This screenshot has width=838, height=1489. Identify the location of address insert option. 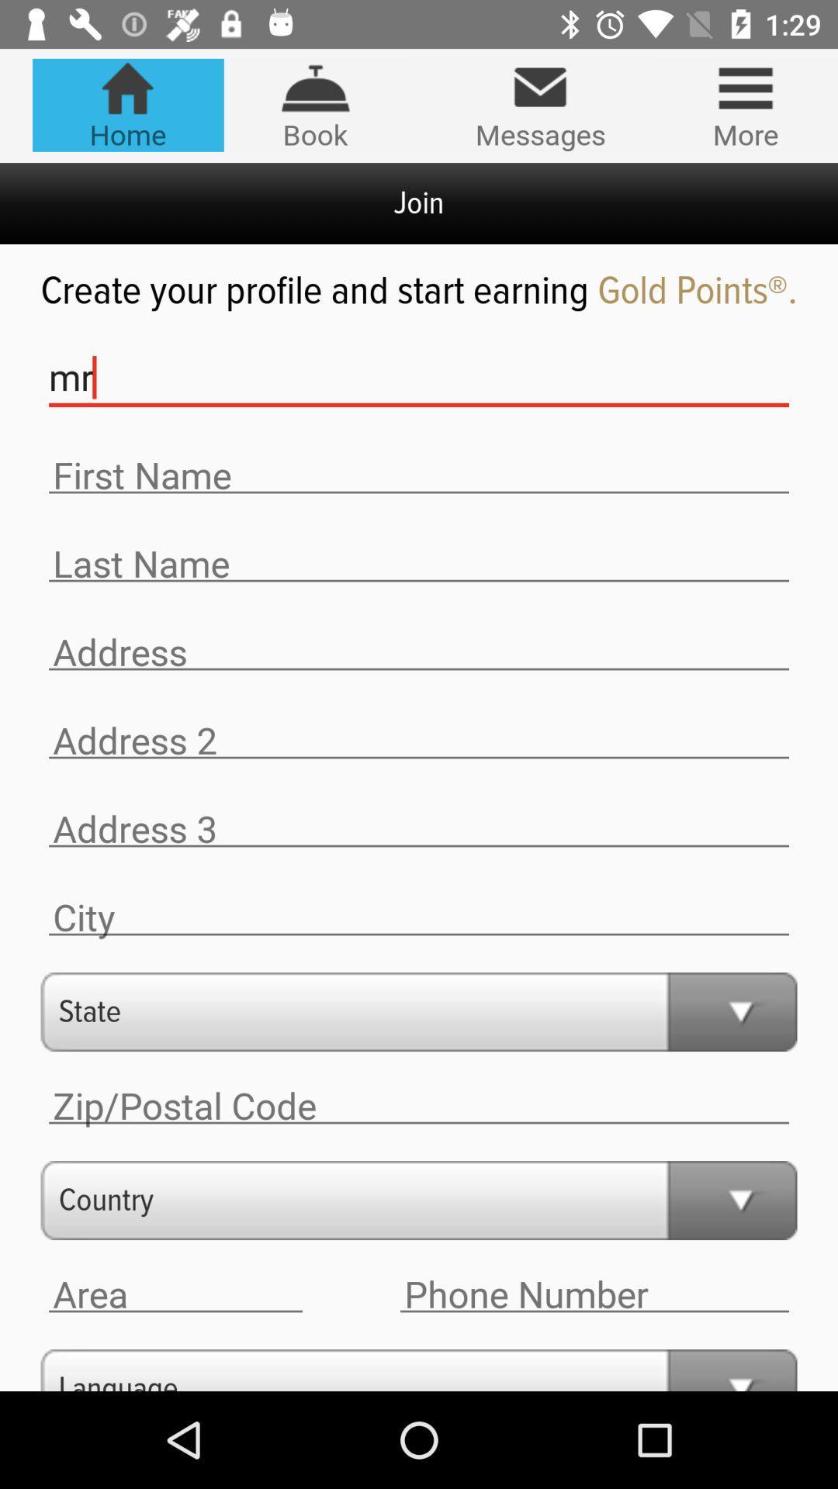
(419, 740).